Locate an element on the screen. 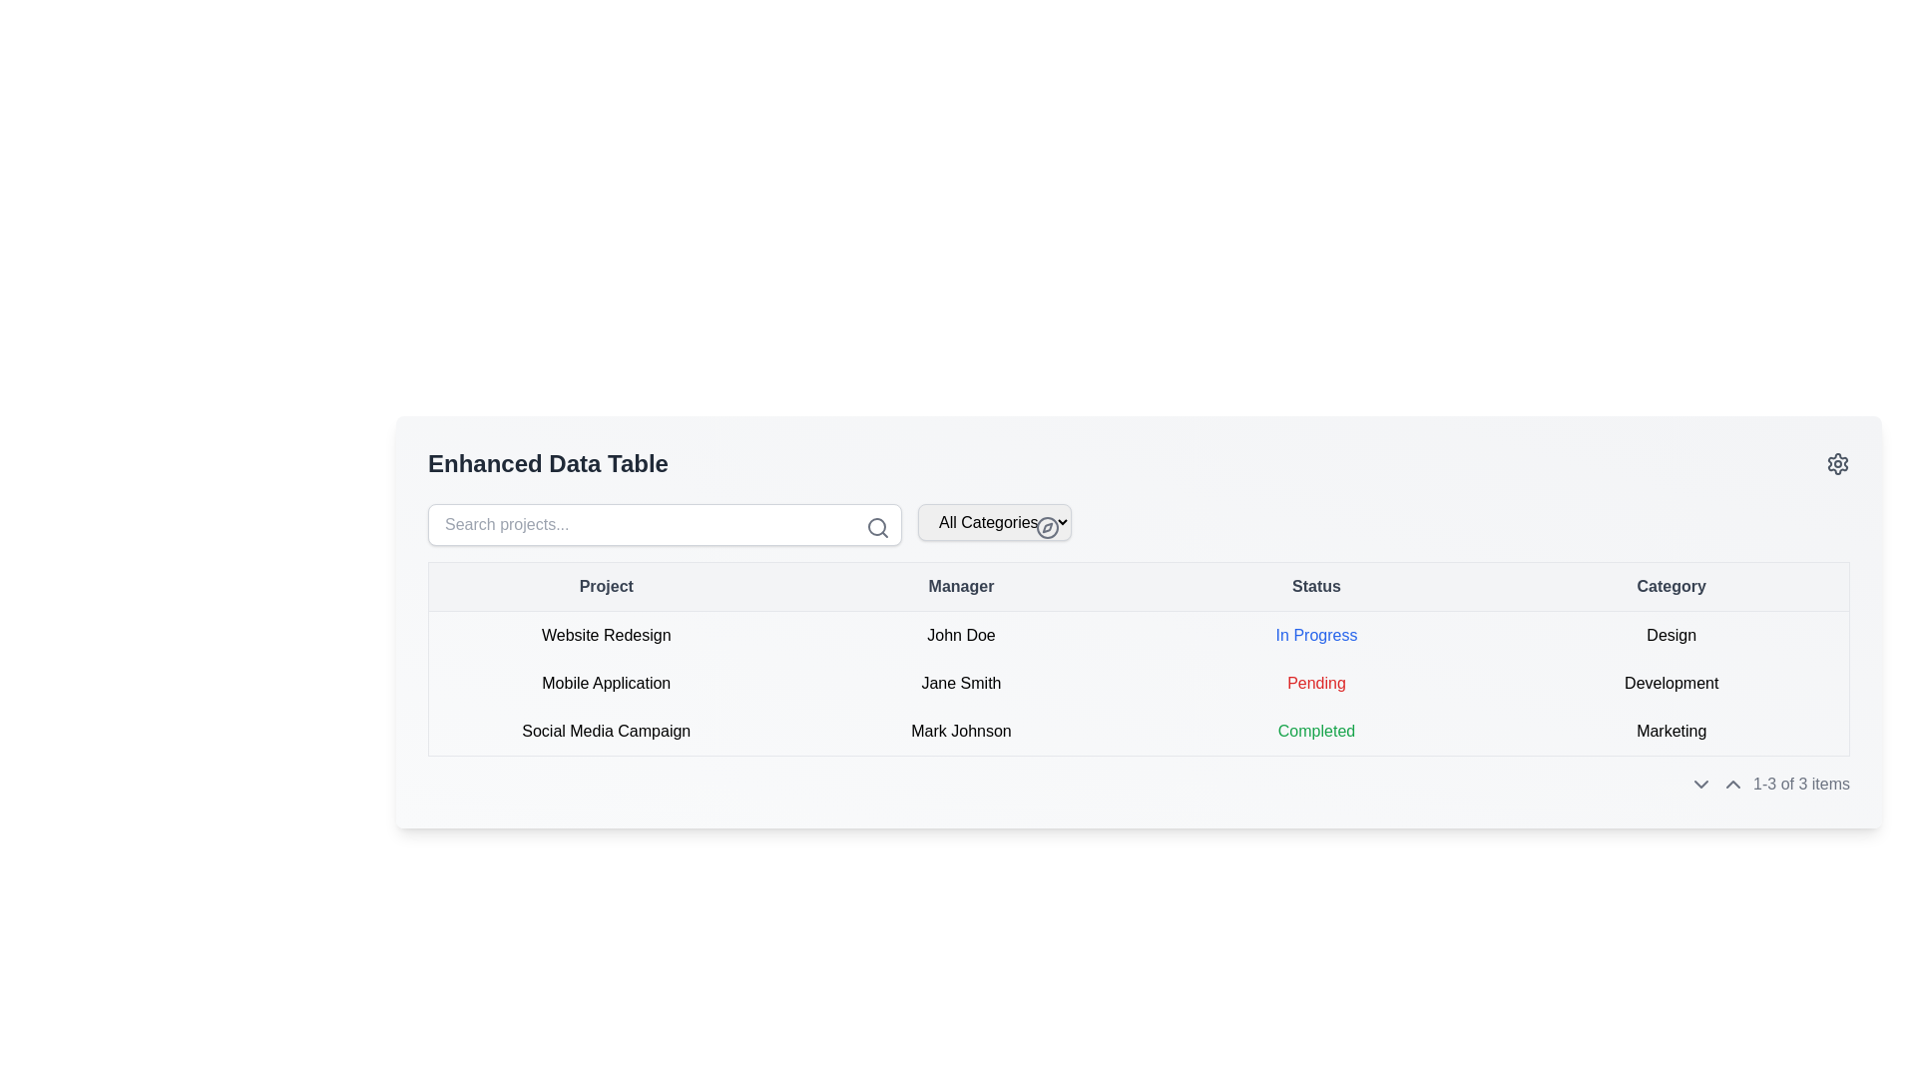 Image resolution: width=1916 pixels, height=1078 pixels. the dropdown menu labeled 'All Categories' is located at coordinates (995, 523).